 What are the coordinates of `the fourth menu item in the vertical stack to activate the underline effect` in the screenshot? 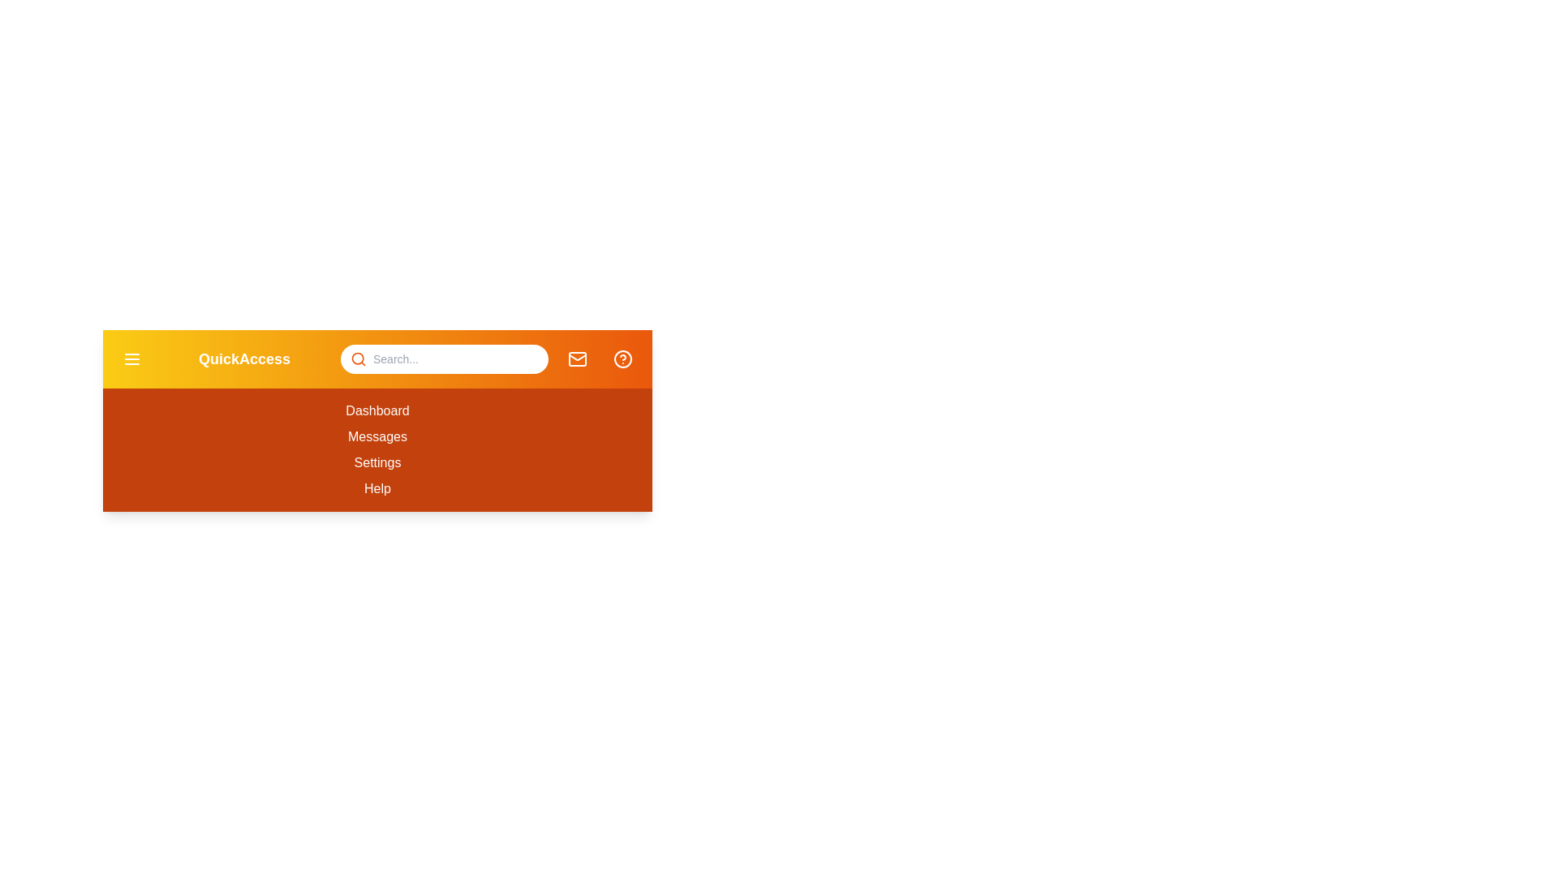 It's located at (377, 487).